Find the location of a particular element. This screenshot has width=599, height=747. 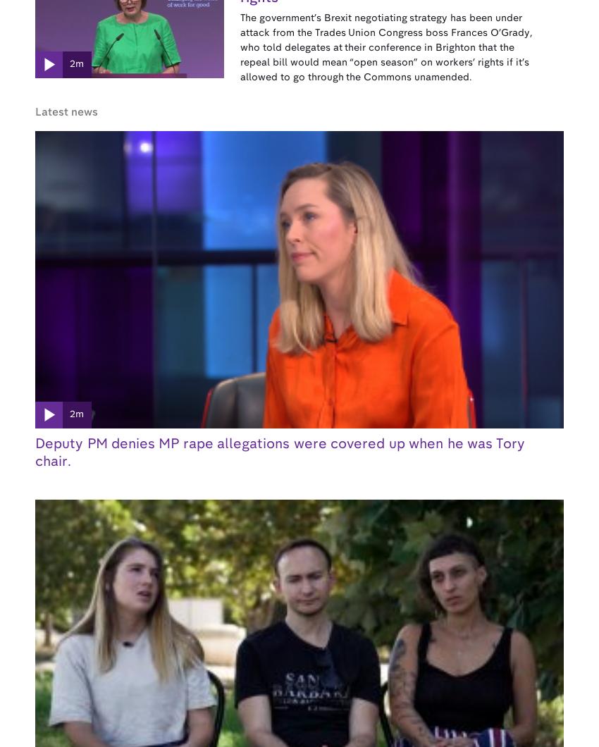

'Distribution' is located at coordinates (309, 596).